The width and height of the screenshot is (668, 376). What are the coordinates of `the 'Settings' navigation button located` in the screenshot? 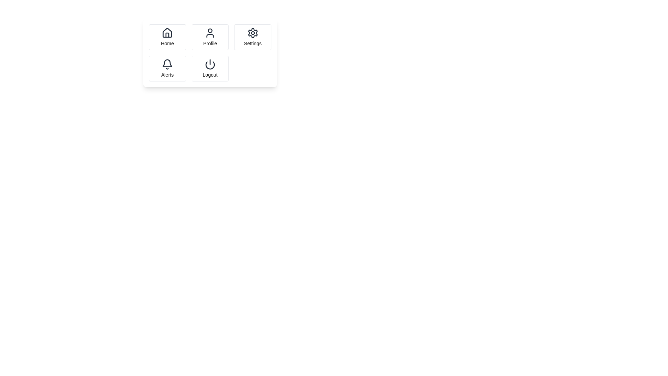 It's located at (252, 37).